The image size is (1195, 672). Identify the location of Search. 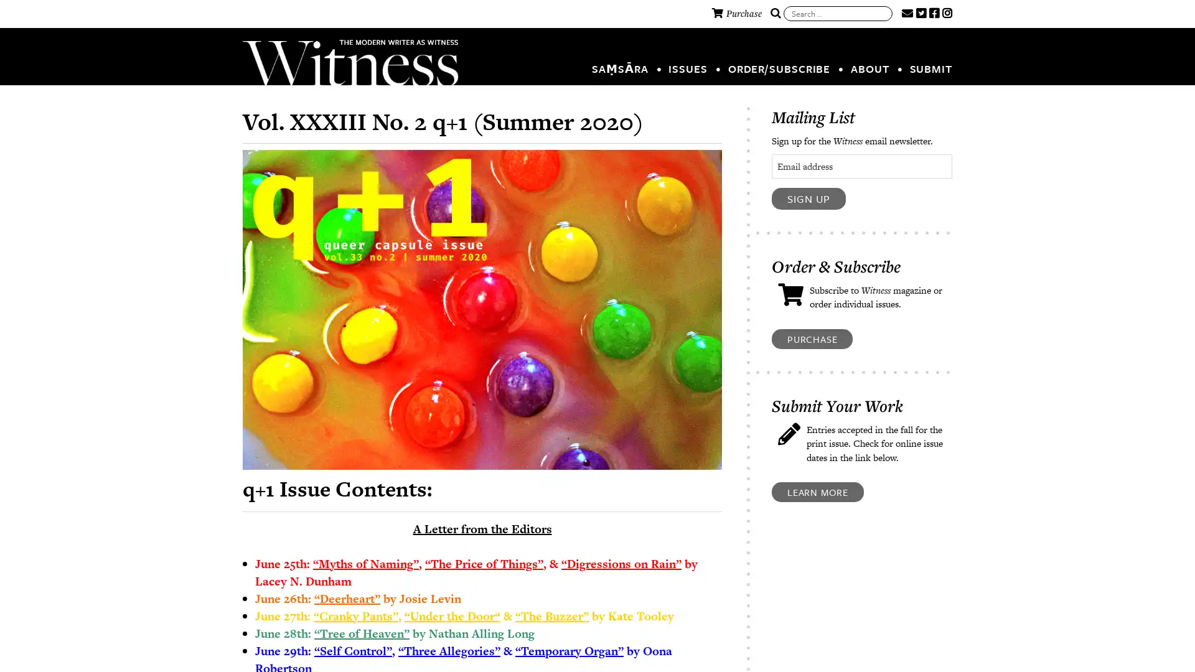
(775, 14).